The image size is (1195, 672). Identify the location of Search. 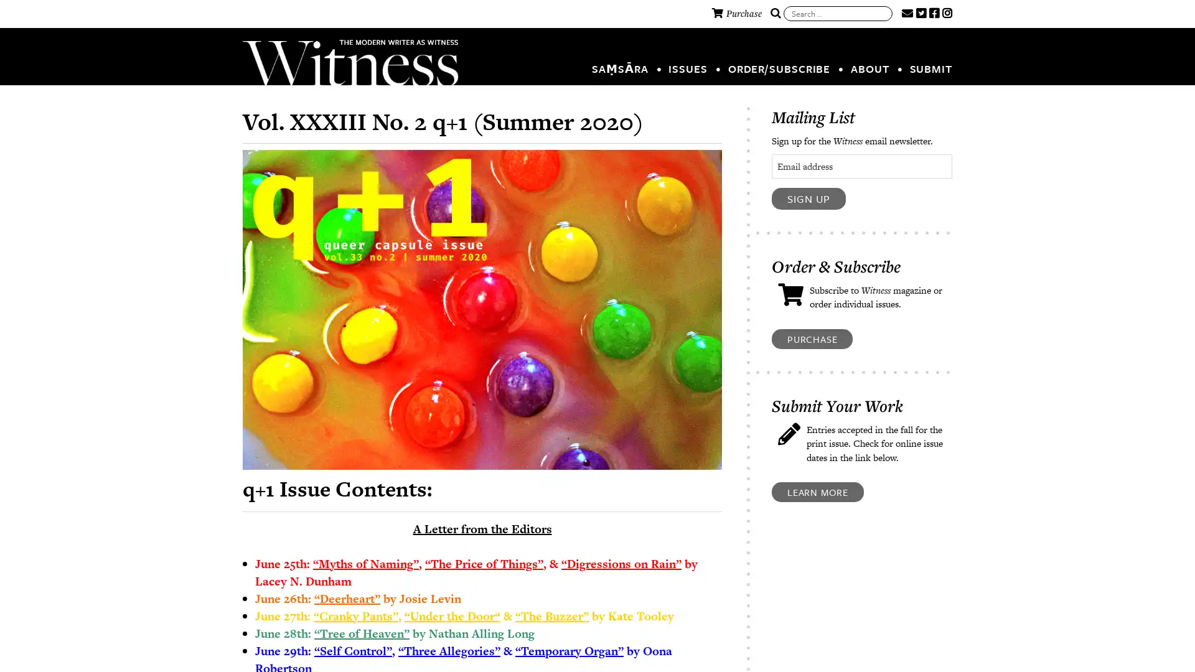
(775, 14).